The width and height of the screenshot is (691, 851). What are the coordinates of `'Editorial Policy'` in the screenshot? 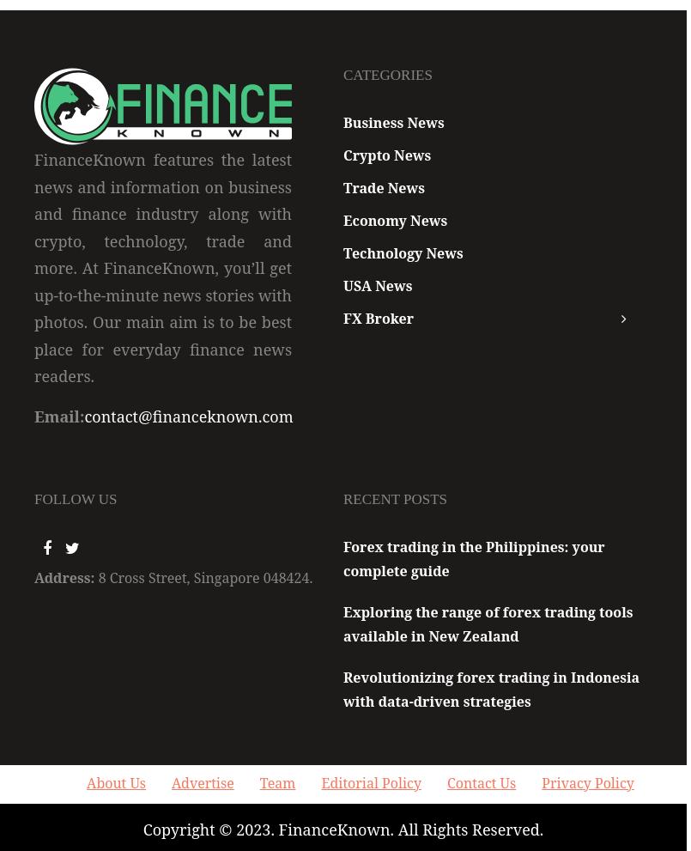 It's located at (321, 781).